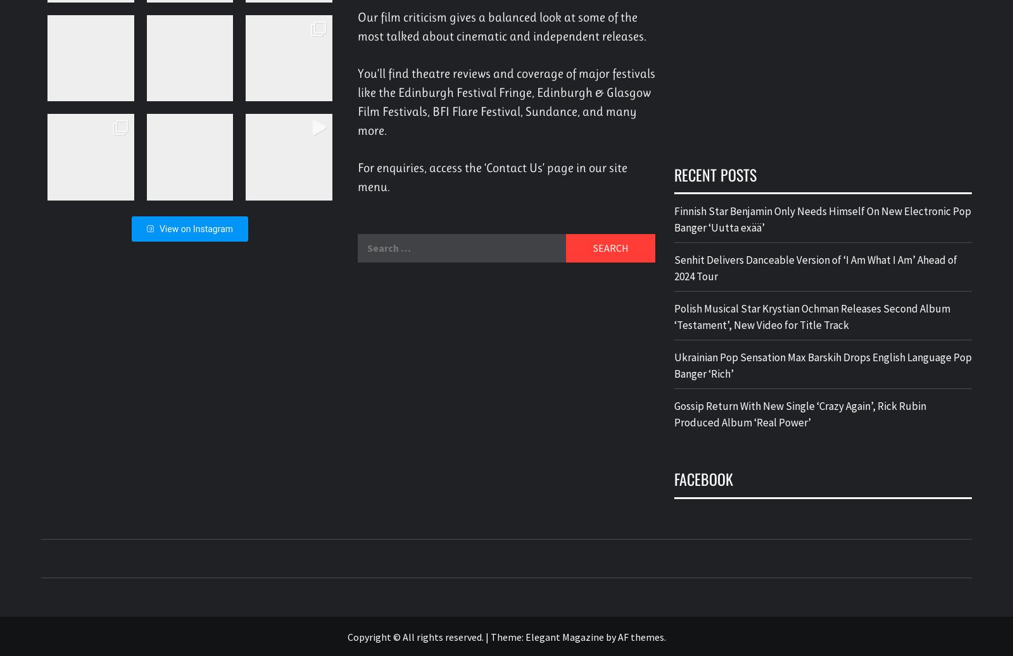 The width and height of the screenshot is (1013, 656). What do you see at coordinates (703, 479) in the screenshot?
I see `'Facebook'` at bounding box center [703, 479].